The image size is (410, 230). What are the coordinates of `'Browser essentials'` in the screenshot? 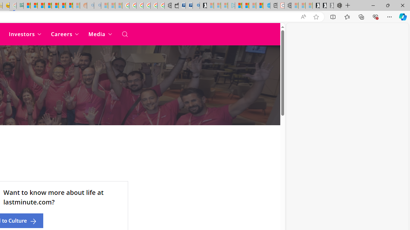 It's located at (375, 16).